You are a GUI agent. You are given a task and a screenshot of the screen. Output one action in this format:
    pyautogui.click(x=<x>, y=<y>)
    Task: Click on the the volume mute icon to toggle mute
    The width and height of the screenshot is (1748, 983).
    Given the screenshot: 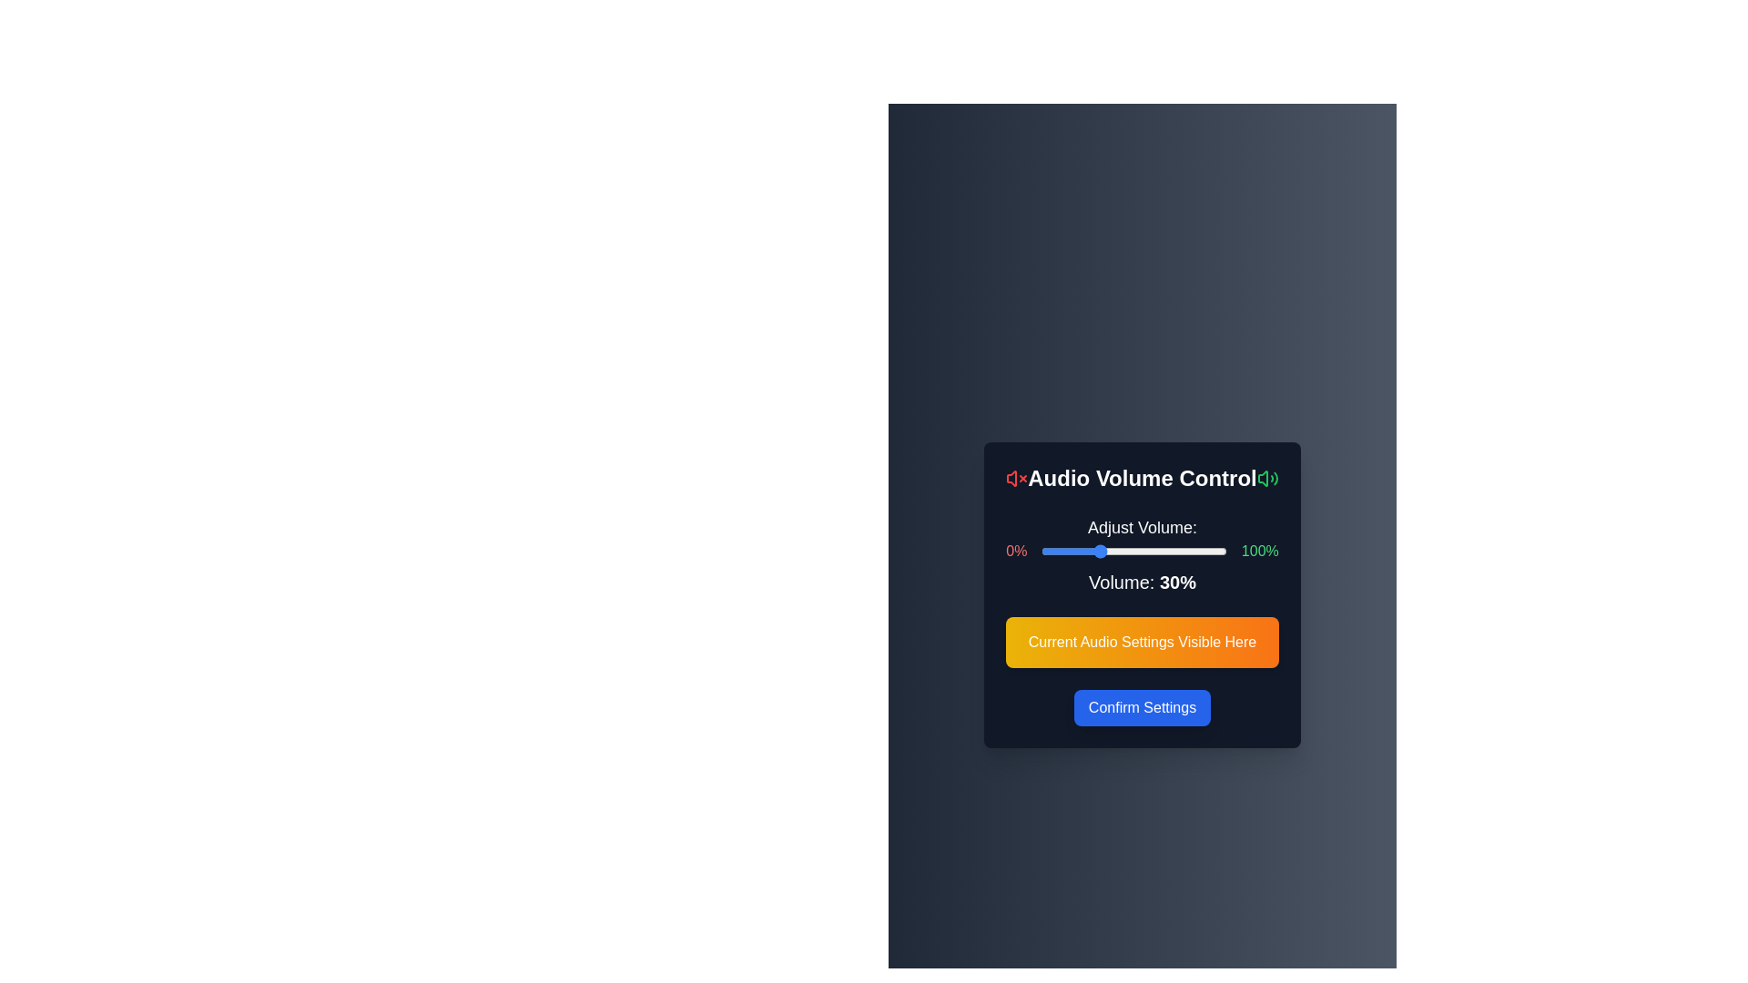 What is the action you would take?
    pyautogui.click(x=1016, y=477)
    